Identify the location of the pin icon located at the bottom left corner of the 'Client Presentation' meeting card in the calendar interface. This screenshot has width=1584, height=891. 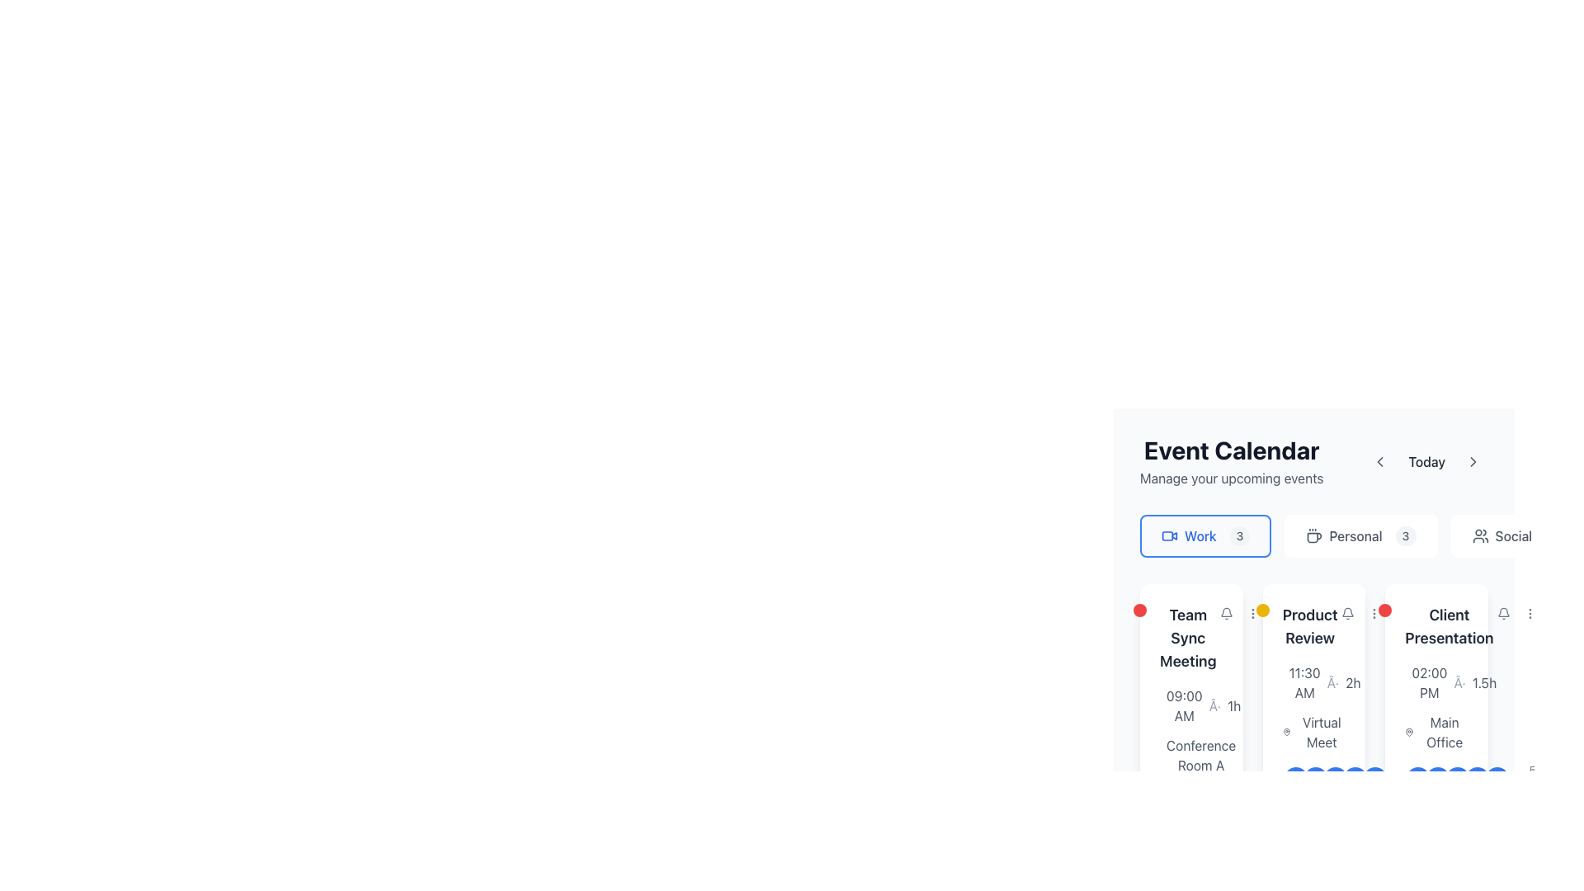
(1408, 731).